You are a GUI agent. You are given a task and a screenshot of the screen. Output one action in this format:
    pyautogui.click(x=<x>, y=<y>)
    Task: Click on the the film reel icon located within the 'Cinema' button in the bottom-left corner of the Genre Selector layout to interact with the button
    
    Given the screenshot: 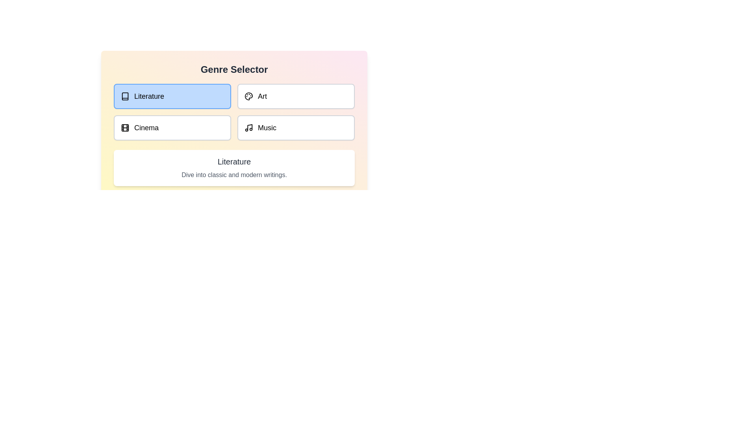 What is the action you would take?
    pyautogui.click(x=124, y=127)
    